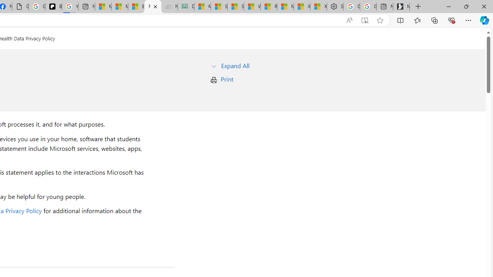 The height and width of the screenshot is (277, 493). What do you see at coordinates (20, 7) in the screenshot?
I see `'Google Analytics Opt-out Browser Add-on Download Page'` at bounding box center [20, 7].